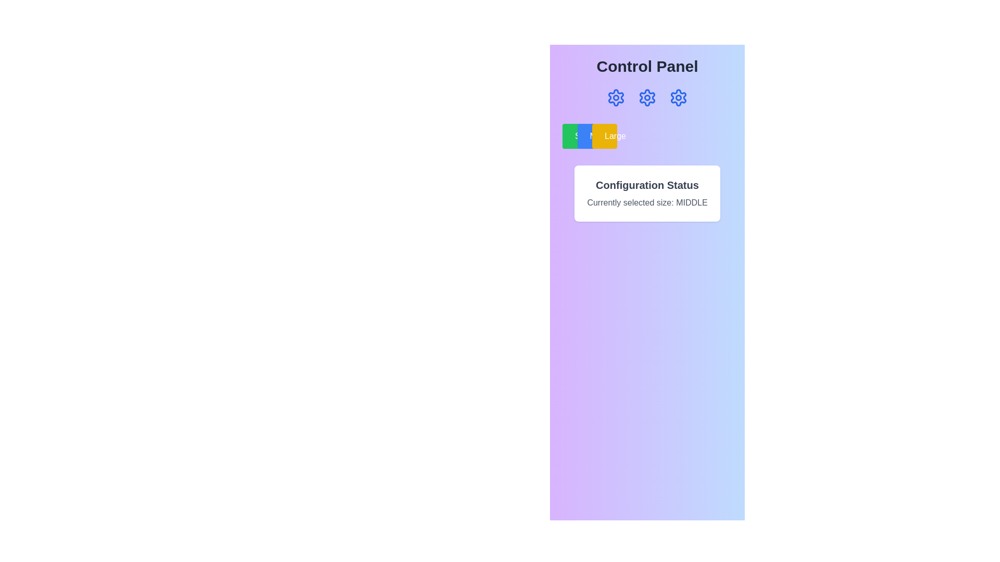 This screenshot has width=1000, height=562. What do you see at coordinates (574, 136) in the screenshot?
I see `the green button labeled 'Small' located to the left of the 'Middle' button` at bounding box center [574, 136].